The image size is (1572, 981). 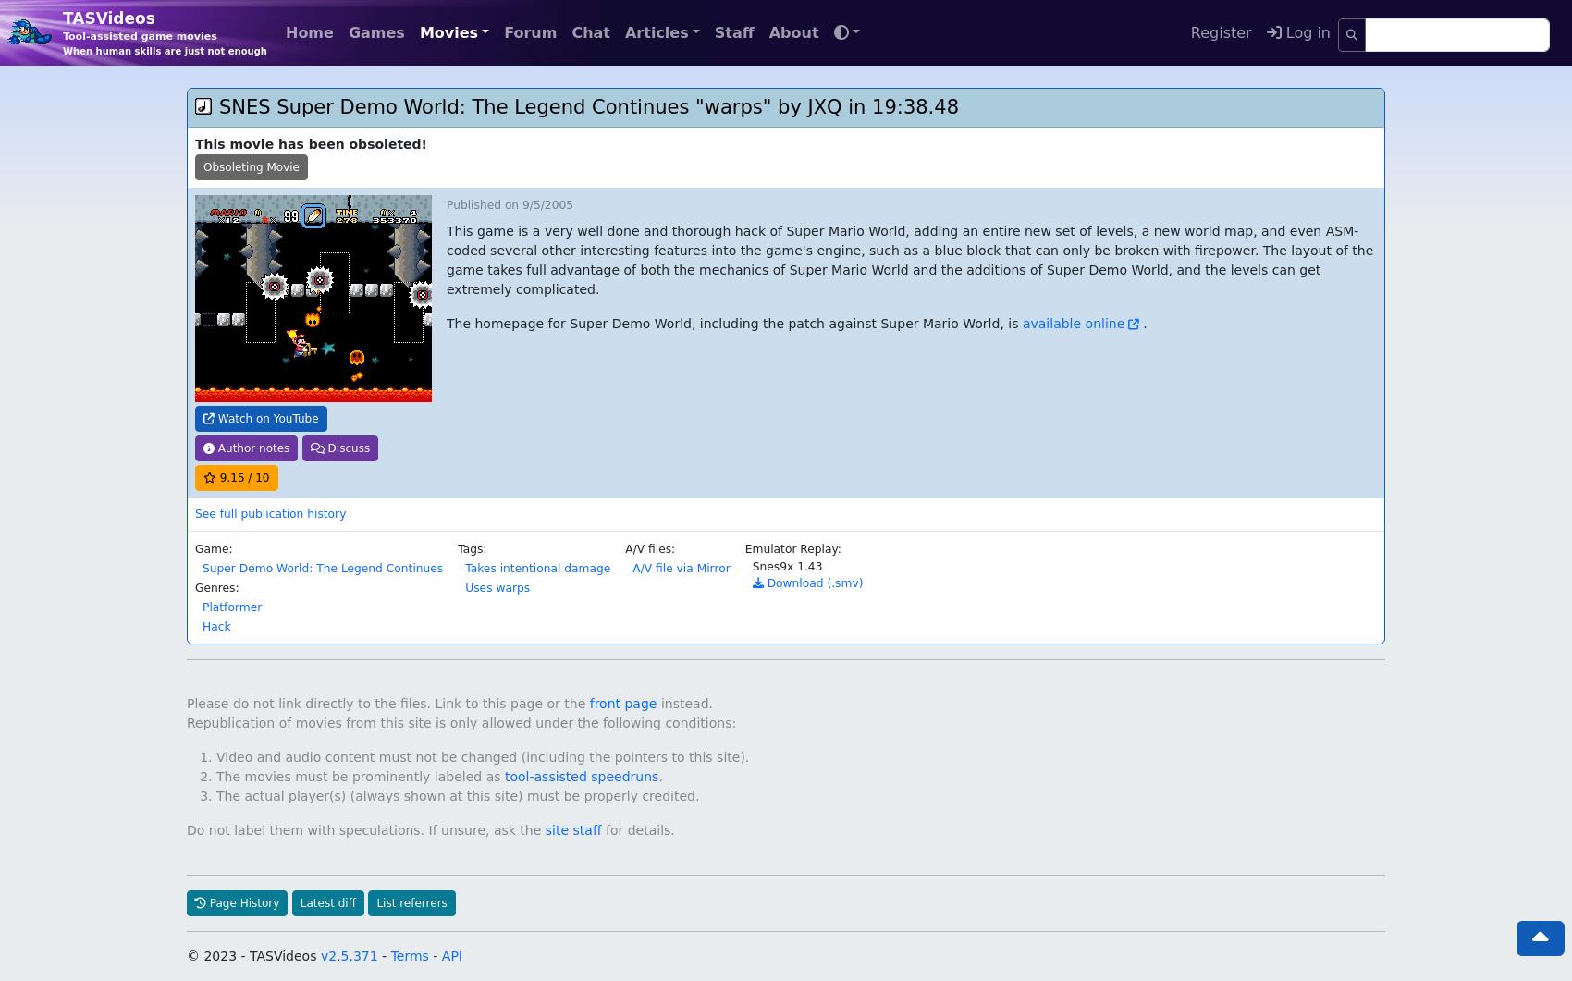 What do you see at coordinates (908, 220) in the screenshot?
I see `'This game is a very well done and thorough hack of Super Mario World, 
adding an entire new set of levels, a new world map, and even ASM-coded 
several other interesting features into the game's engine, such as a 
blue block that can only be broken with firepower. The layout of the 
game takes full advantage of both the mechanics of Super Mario World 
and the additions of Super Demo World, and the levels can get extremely
complicated.'` at bounding box center [908, 220].